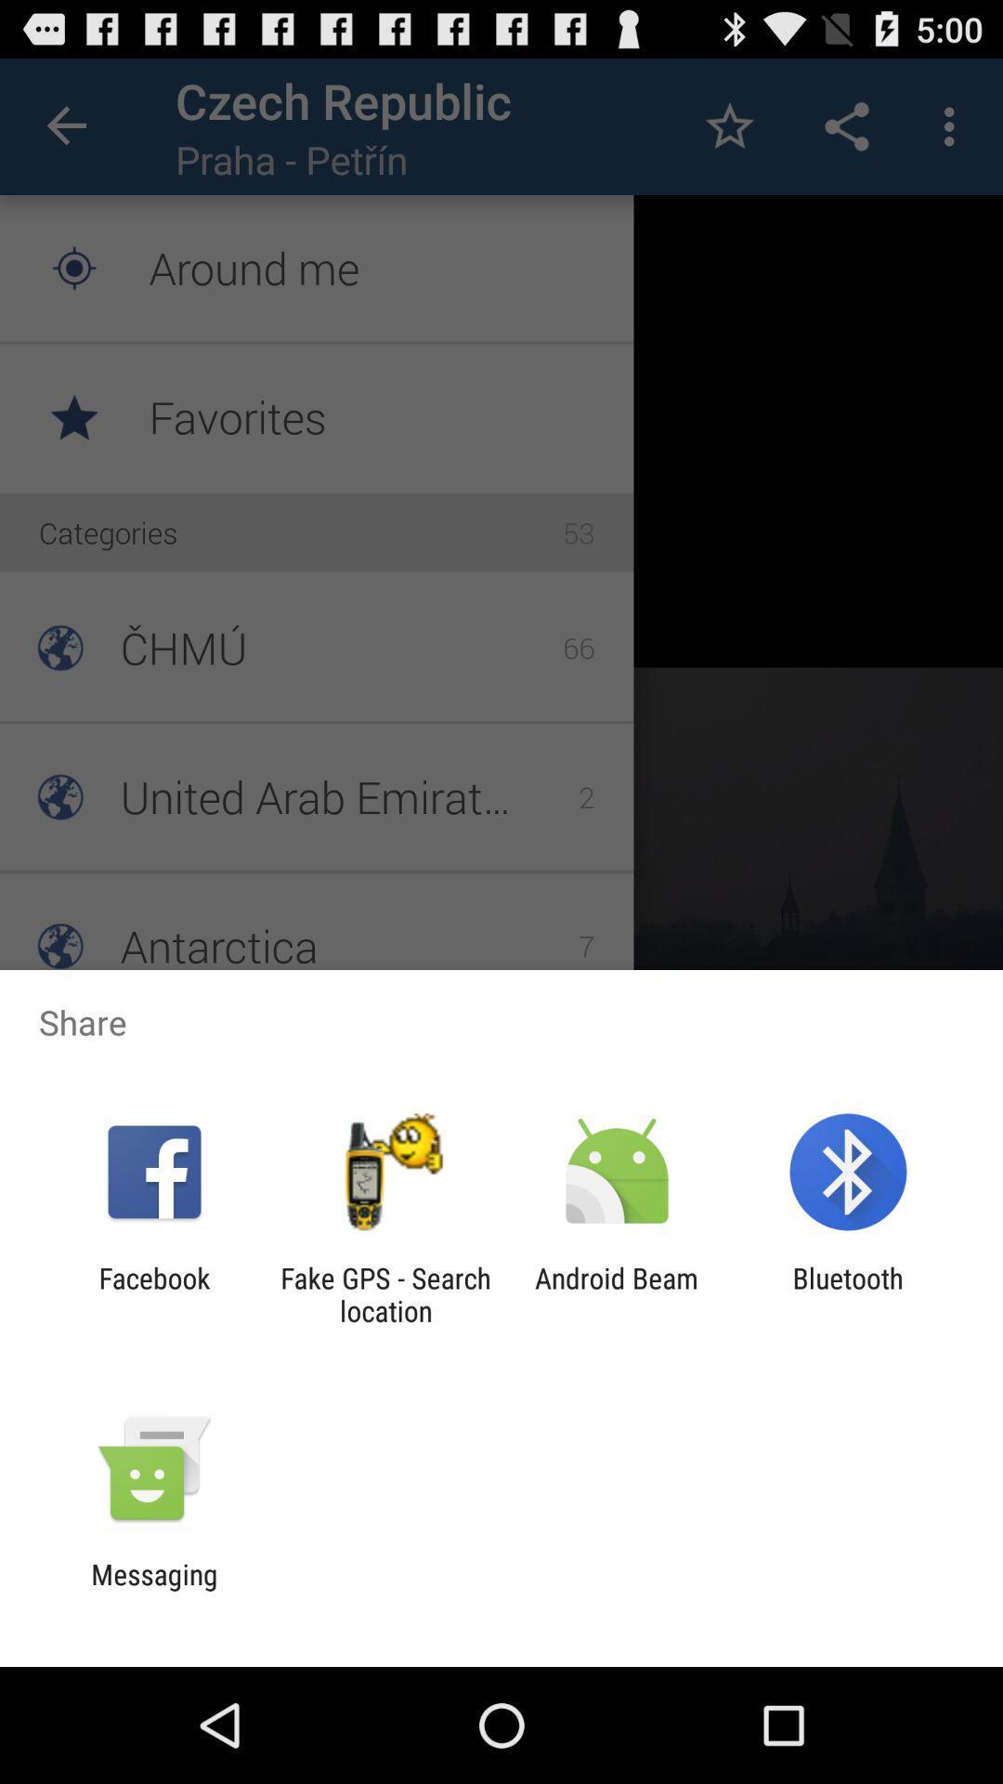  Describe the element at coordinates (617, 1293) in the screenshot. I see `the android beam app` at that location.